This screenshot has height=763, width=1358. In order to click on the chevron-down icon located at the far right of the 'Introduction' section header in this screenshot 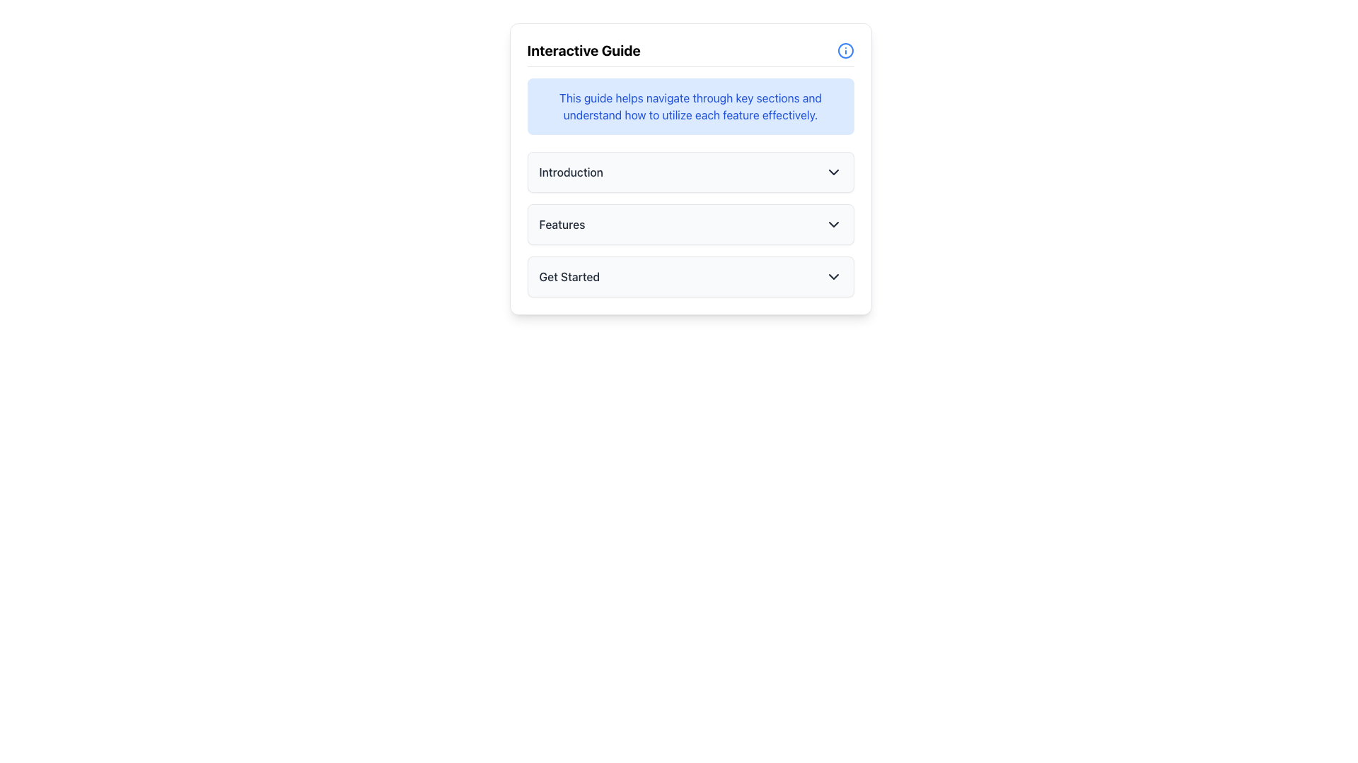, I will do `click(833, 171)`.